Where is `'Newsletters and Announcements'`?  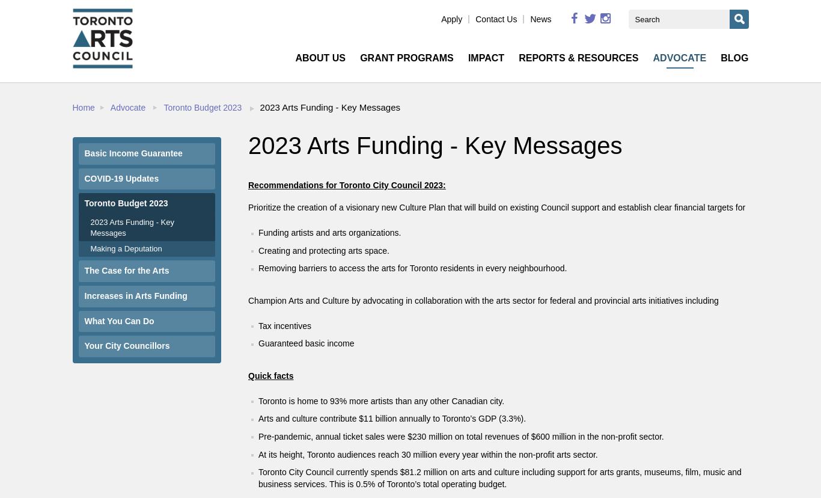 'Newsletters and Announcements' is located at coordinates (548, 179).